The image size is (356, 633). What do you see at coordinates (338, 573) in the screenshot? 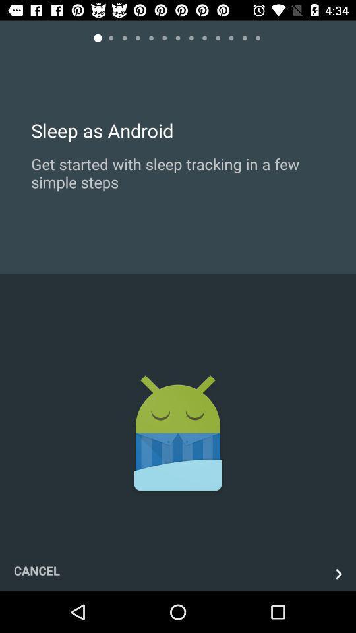
I see `the arrow_forward icon` at bounding box center [338, 573].